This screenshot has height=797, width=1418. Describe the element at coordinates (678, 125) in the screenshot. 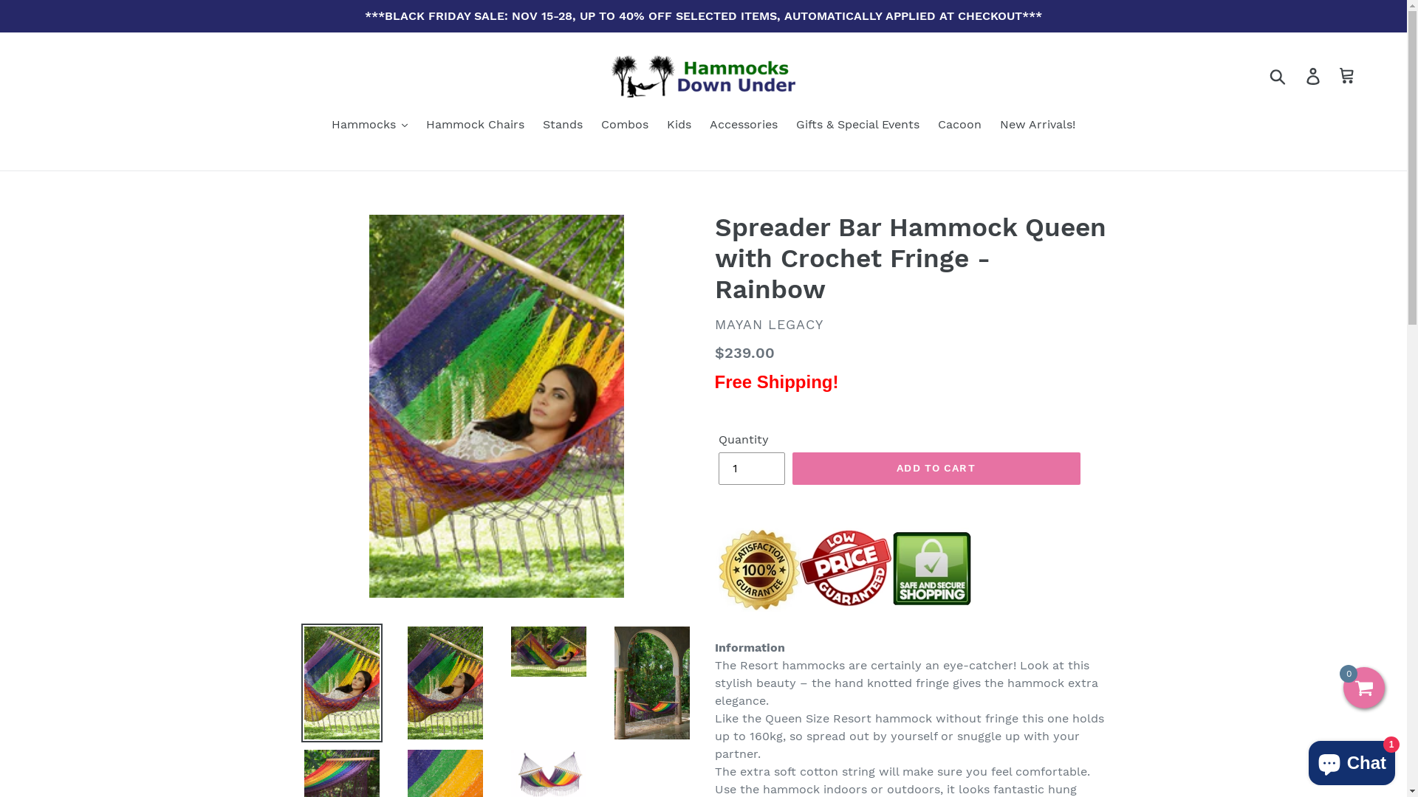

I see `'Kids'` at that location.